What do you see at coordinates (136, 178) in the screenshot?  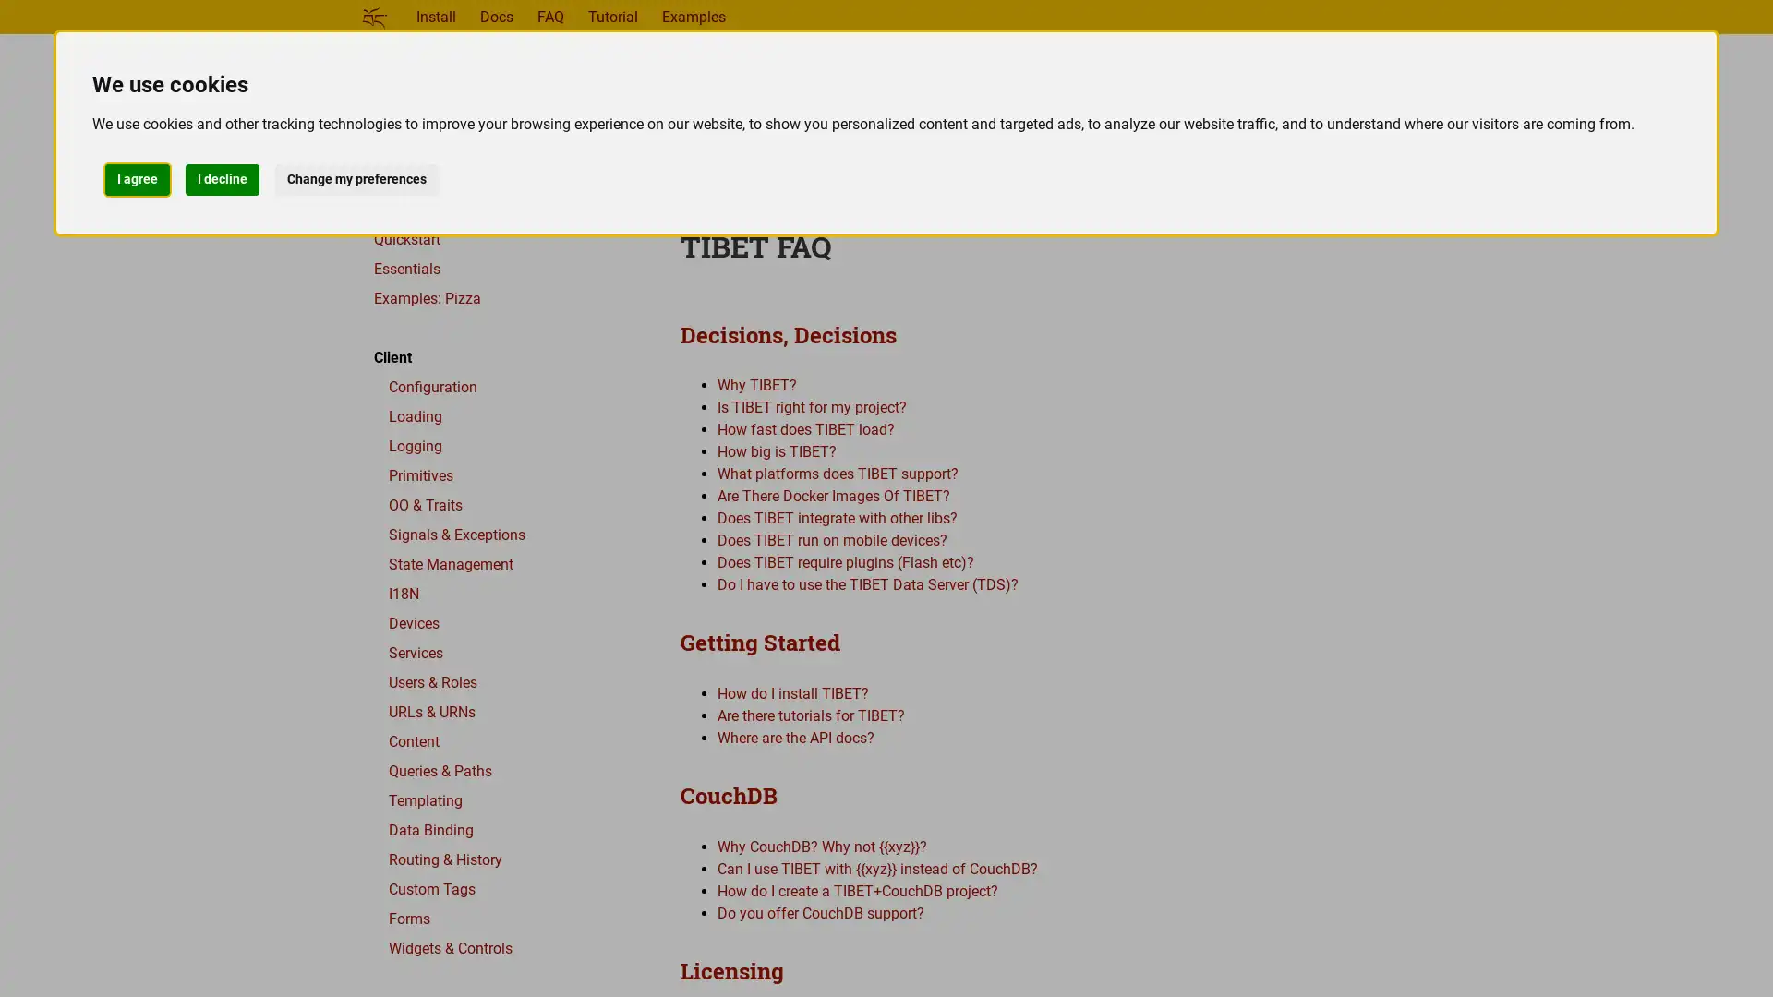 I see `I agree` at bounding box center [136, 178].